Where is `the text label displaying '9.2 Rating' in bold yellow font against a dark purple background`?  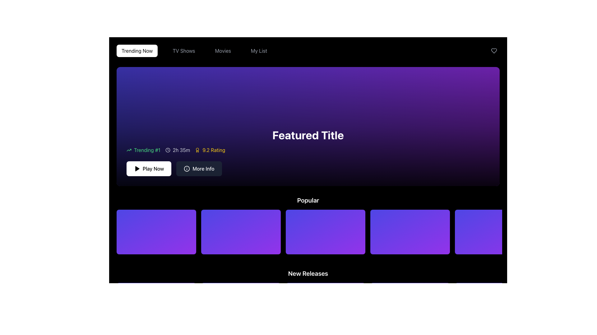
the text label displaying '9.2 Rating' in bold yellow font against a dark purple background is located at coordinates (214, 150).